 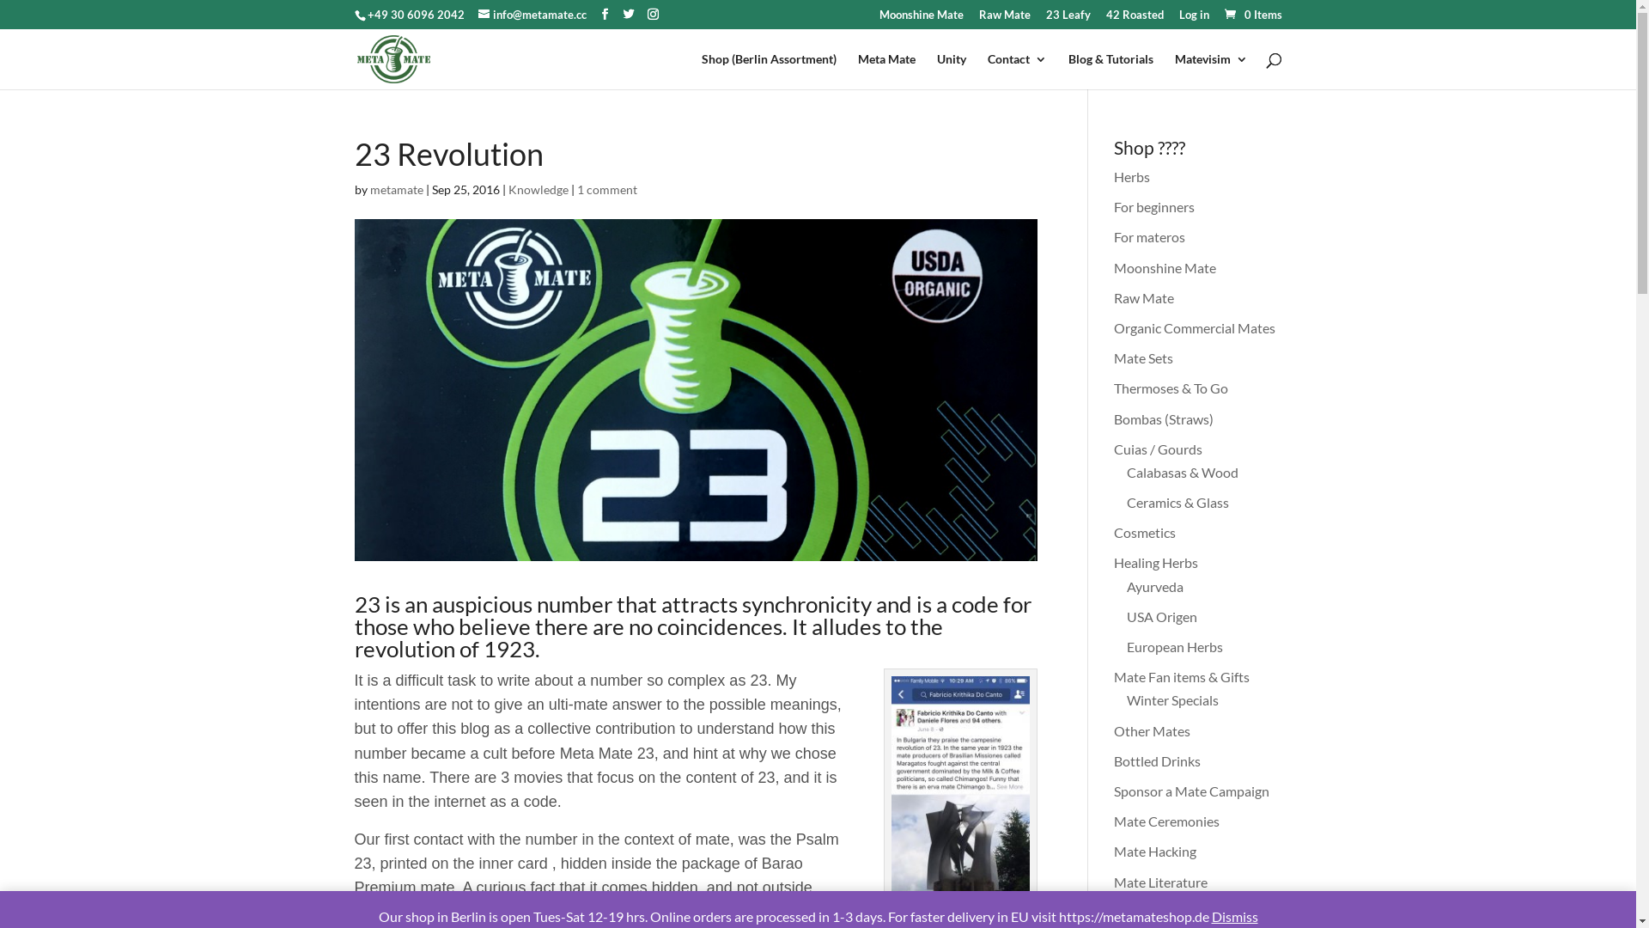 I want to click on 'Cosmetics', so click(x=1113, y=531).